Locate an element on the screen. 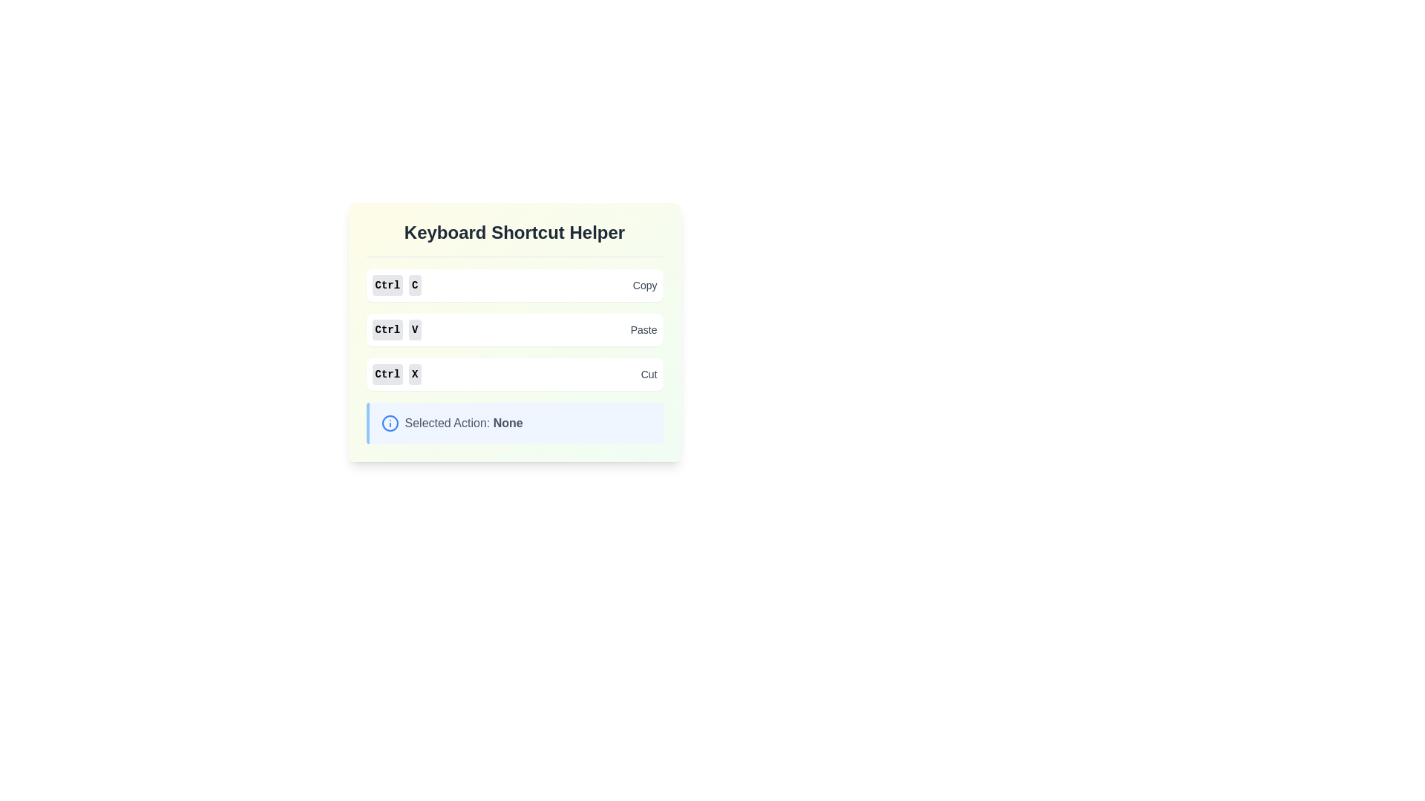  the circular icon with a blue border and a small blue dot centered within it, located to the left of the text 'Selected Action: None' is located at coordinates (390, 423).